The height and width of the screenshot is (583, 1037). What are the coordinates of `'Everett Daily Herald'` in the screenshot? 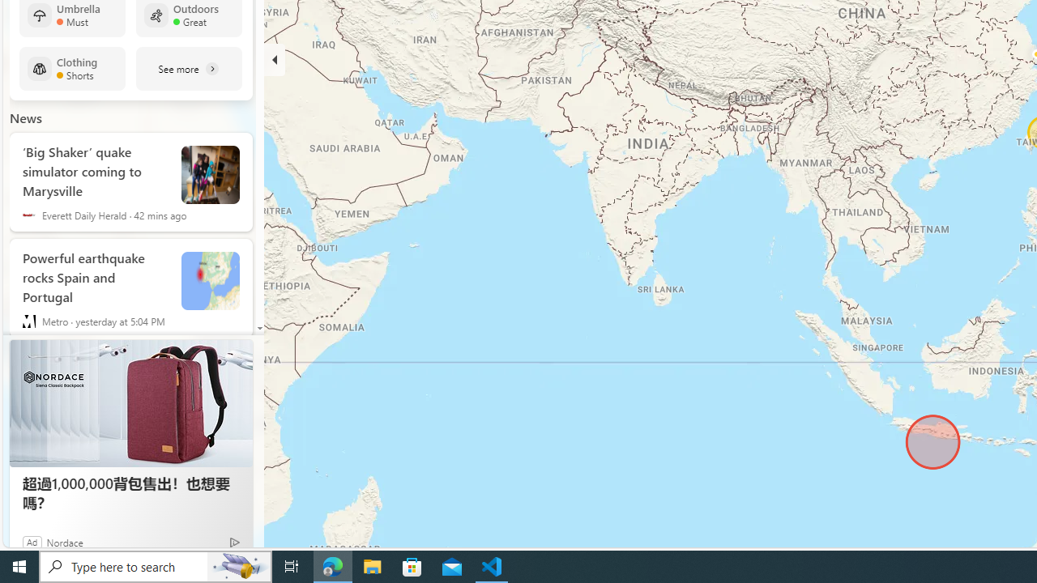 It's located at (28, 215).